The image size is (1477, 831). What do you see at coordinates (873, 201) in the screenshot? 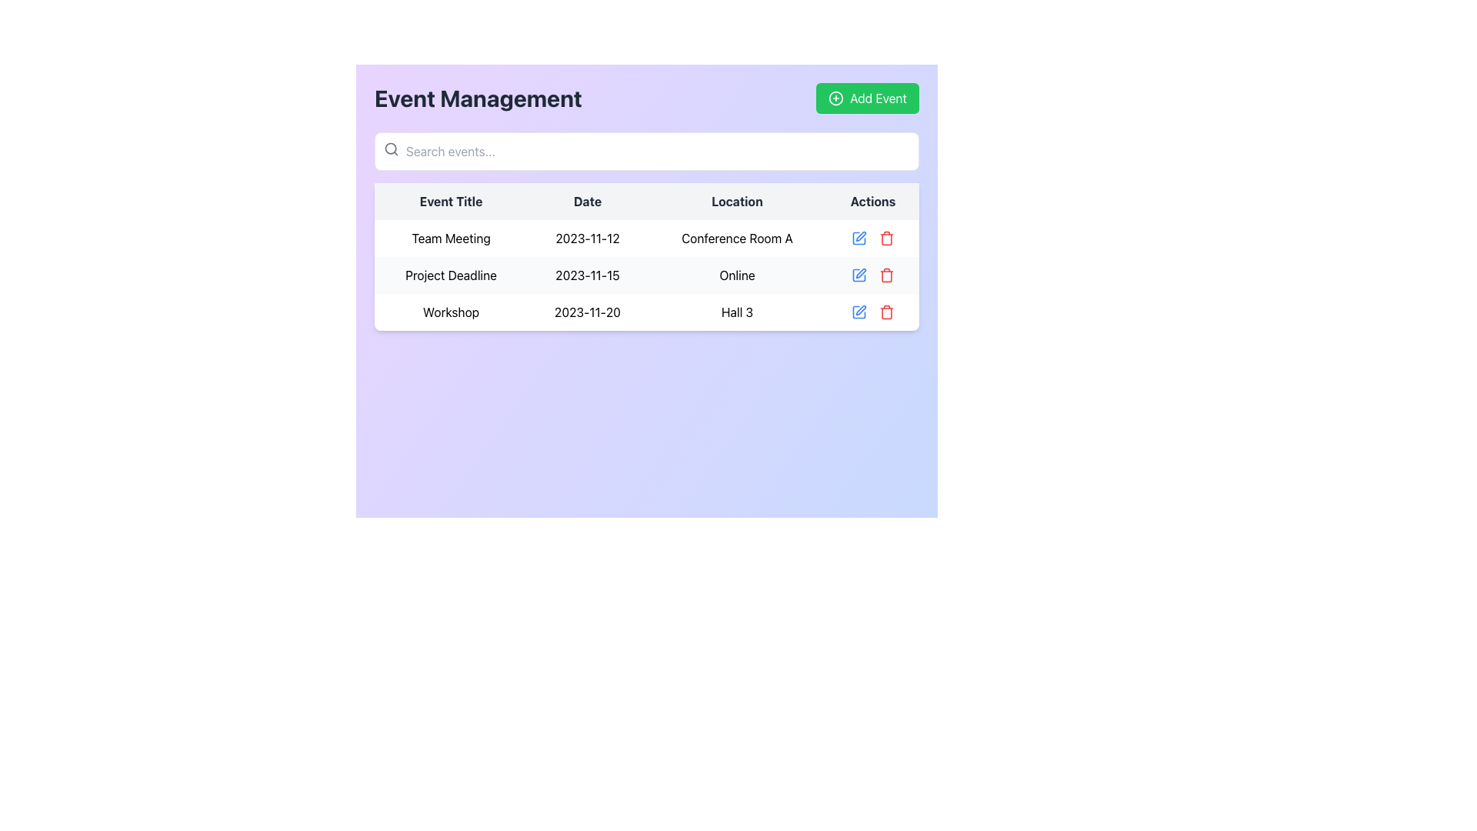
I see `the header label for the 'Actions' column in the data table, which is the fourth column header located to the far right of the header row` at bounding box center [873, 201].